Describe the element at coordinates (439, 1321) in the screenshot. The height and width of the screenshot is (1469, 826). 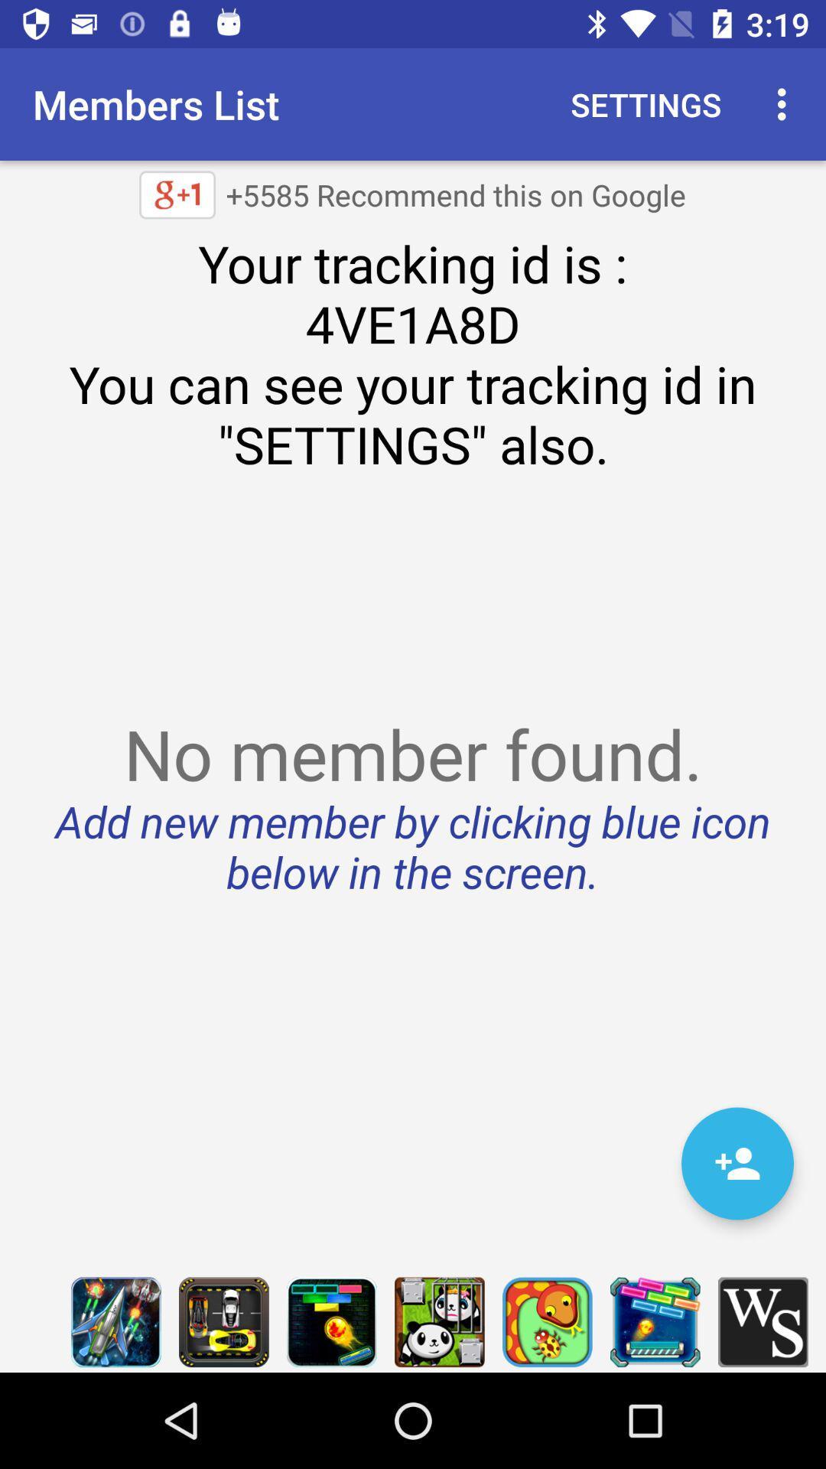
I see `navigate to advertised application` at that location.